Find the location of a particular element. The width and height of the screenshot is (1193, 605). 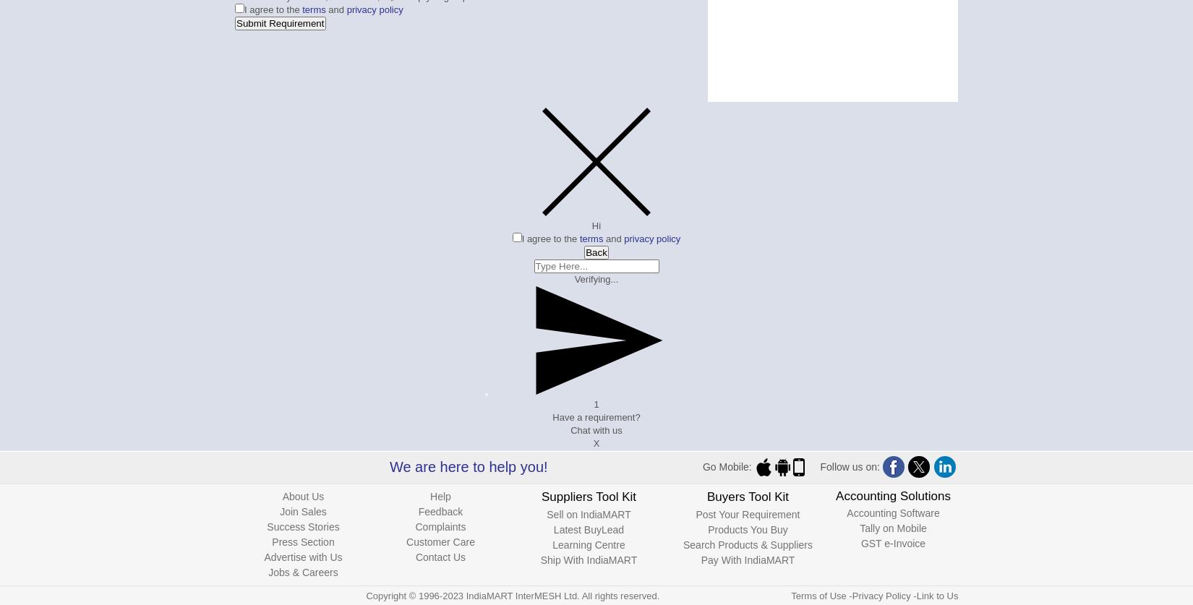

'X' is located at coordinates (595, 443).